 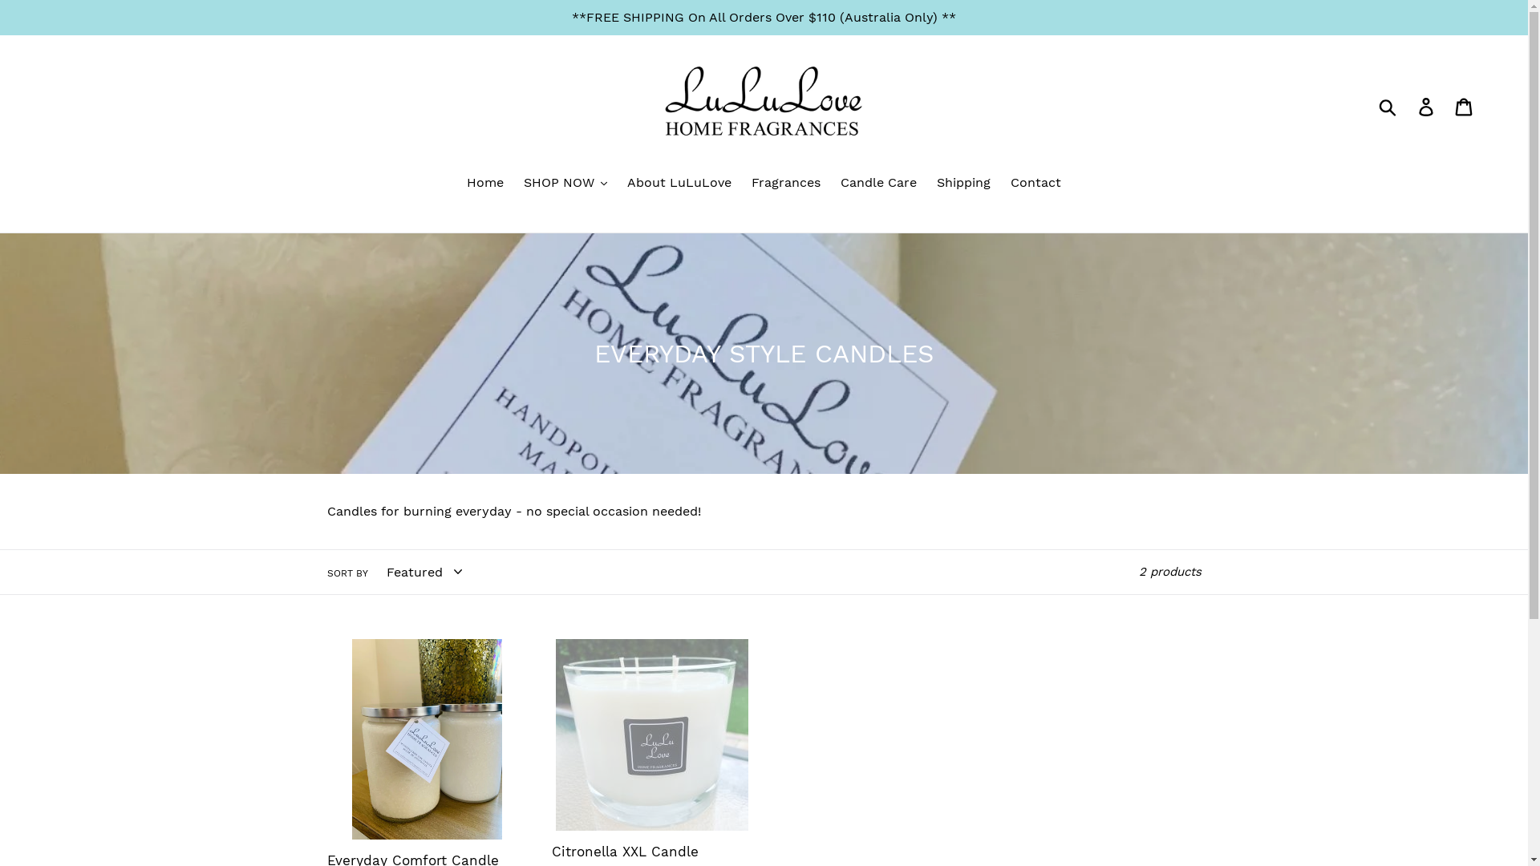 What do you see at coordinates (679, 183) in the screenshot?
I see `'About LuLuLove'` at bounding box center [679, 183].